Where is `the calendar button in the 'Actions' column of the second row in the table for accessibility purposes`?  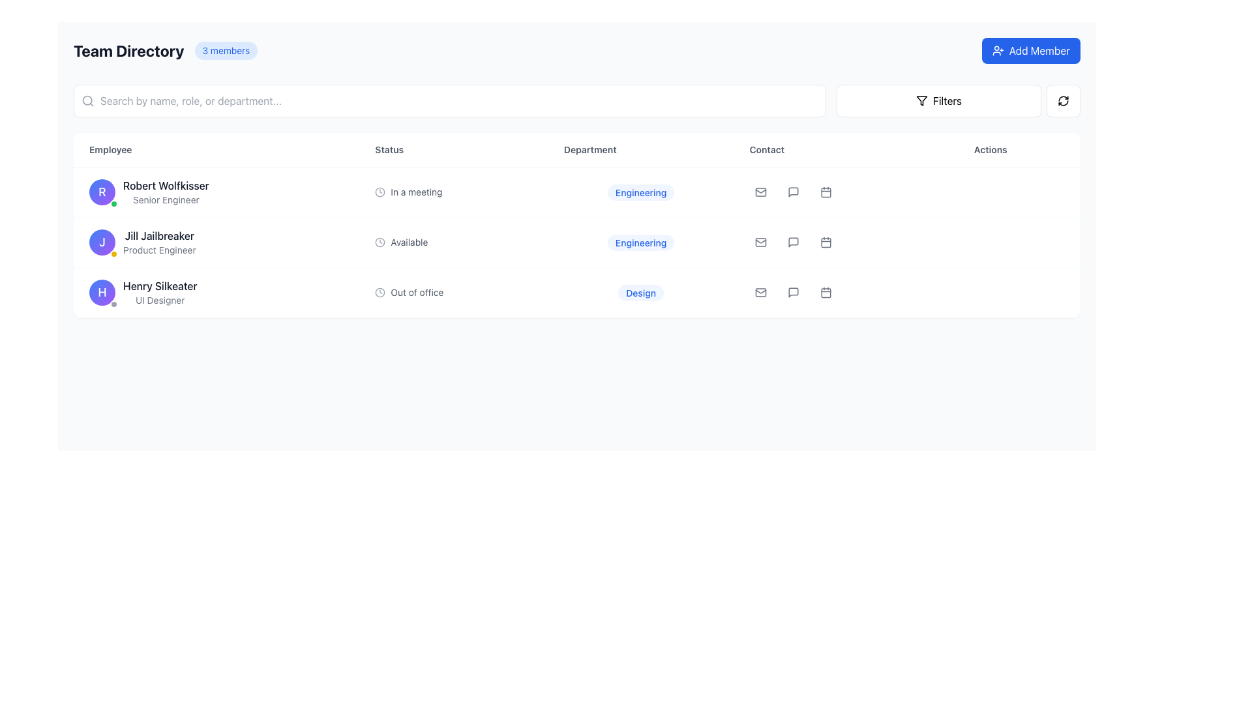 the calendar button in the 'Actions' column of the second row in the table for accessibility purposes is located at coordinates (825, 192).